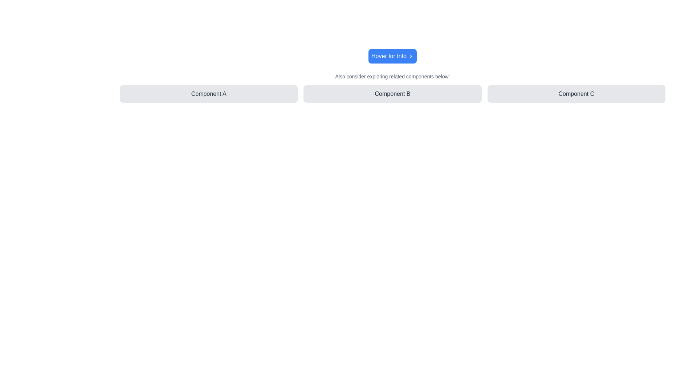  Describe the element at coordinates (392, 87) in the screenshot. I see `the 'Component B' button located in the composite layout below the 'Hover for Info' text` at that location.